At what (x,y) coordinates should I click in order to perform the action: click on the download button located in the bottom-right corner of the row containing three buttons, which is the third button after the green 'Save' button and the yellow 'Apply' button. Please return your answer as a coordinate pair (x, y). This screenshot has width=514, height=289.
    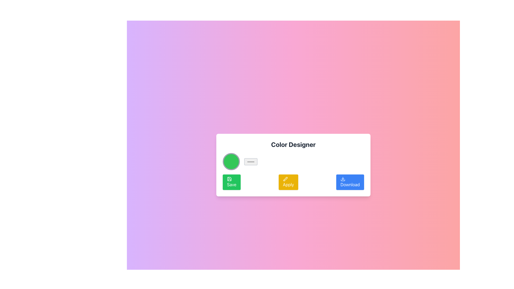
    Looking at the image, I should click on (350, 182).